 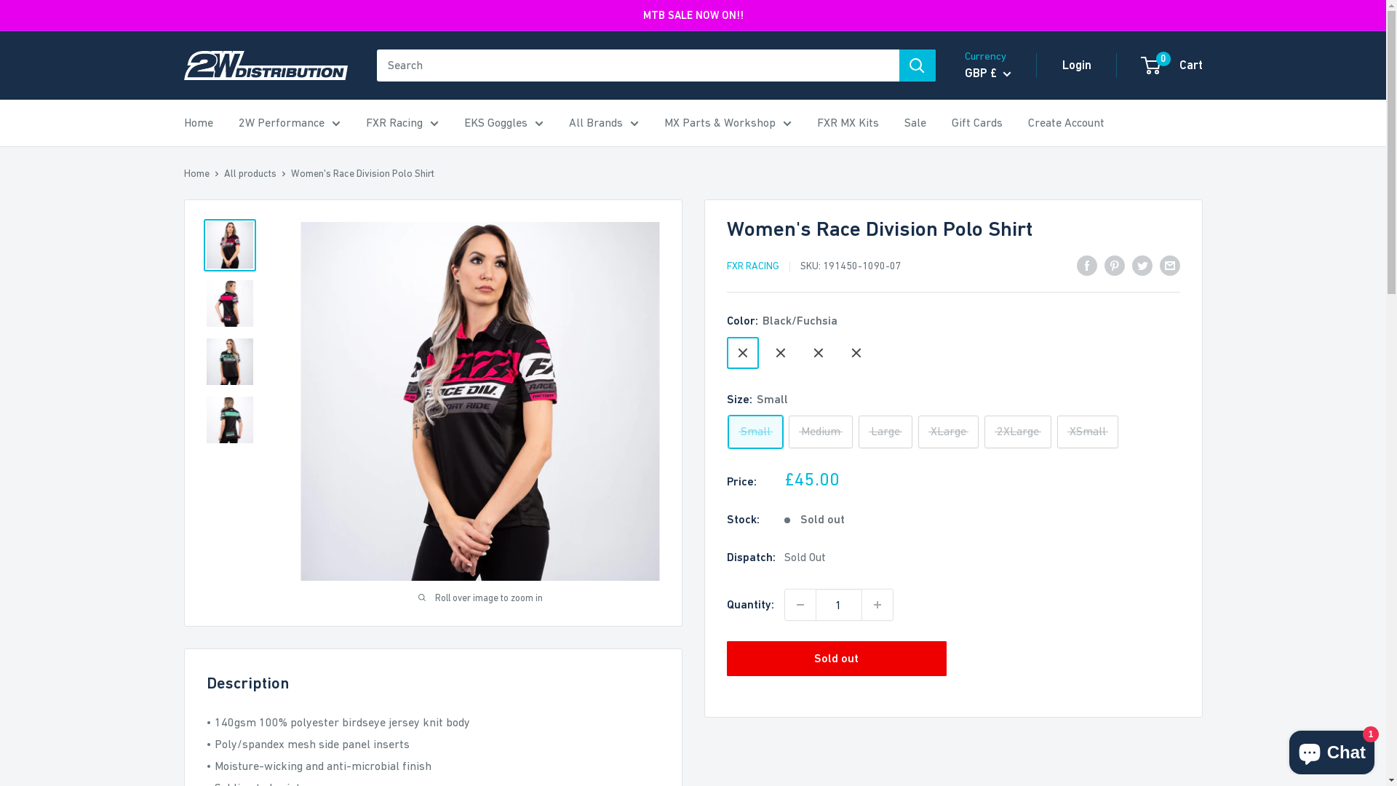 I want to click on '2W Distribution', so click(x=265, y=64).